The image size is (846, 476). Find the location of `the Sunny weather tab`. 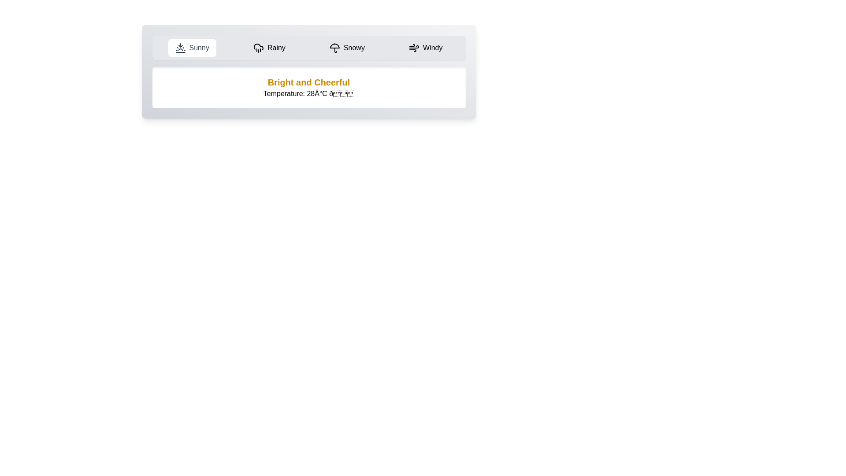

the Sunny weather tab is located at coordinates (192, 48).